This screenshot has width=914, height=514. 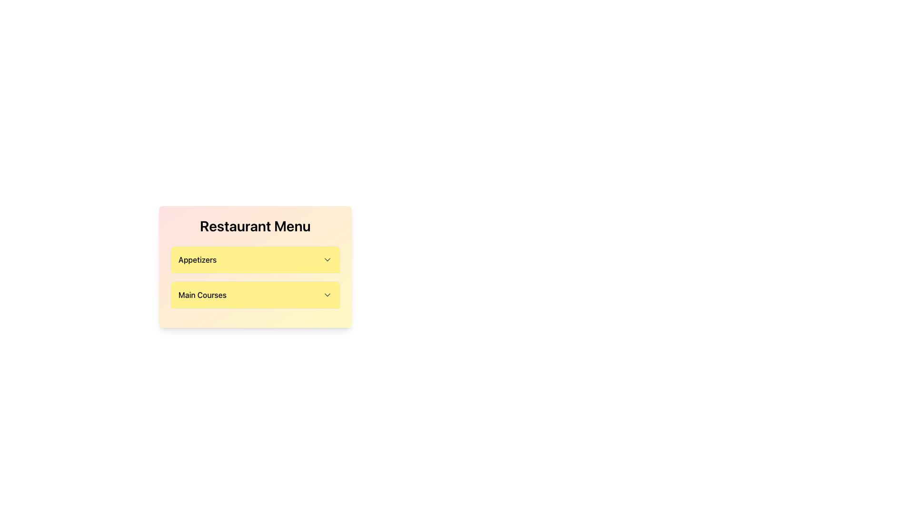 I want to click on the 'Appetizers' dropdown menu option, which has a yellow background and is the first item in the 'Restaurant Menu' section, so click(x=255, y=267).